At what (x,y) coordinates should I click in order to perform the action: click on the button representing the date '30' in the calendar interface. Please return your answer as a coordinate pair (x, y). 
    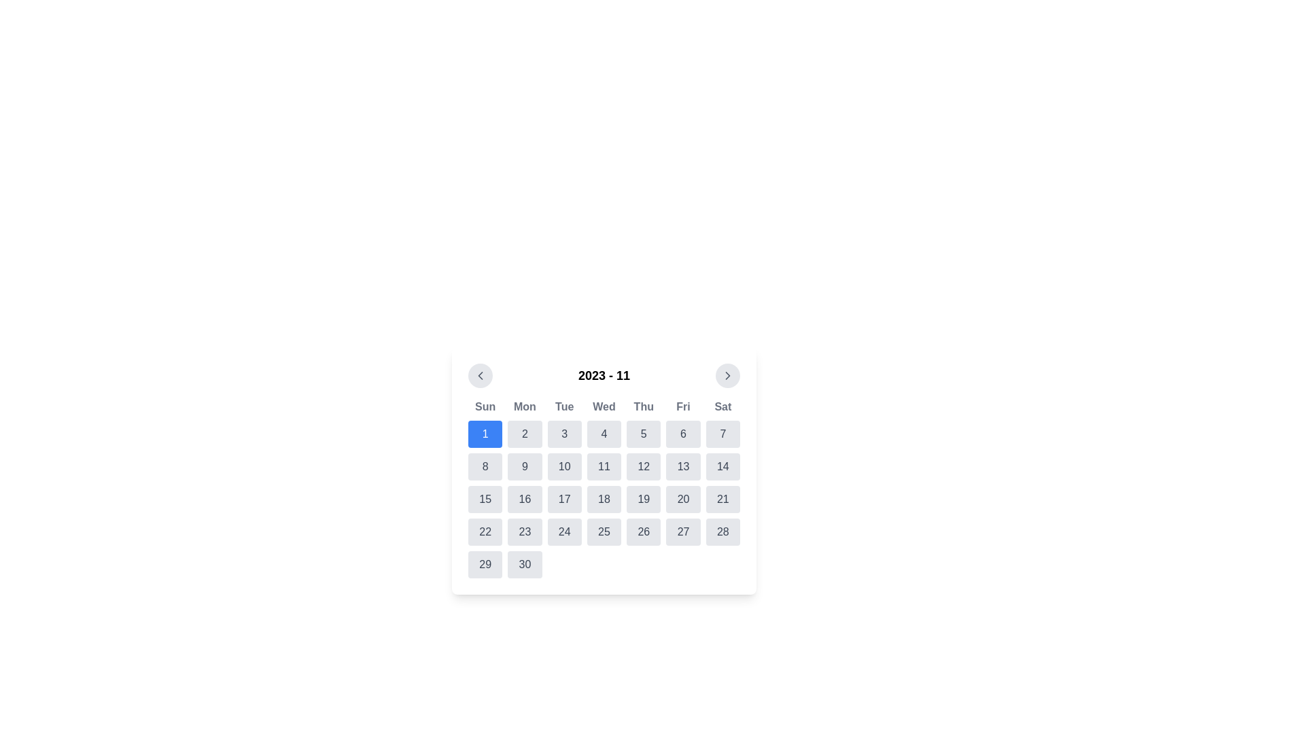
    Looking at the image, I should click on (524, 564).